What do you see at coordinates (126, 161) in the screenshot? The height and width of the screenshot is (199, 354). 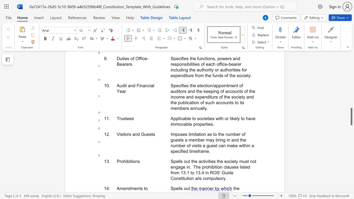 I see `the 1th character "i" in the text` at bounding box center [126, 161].